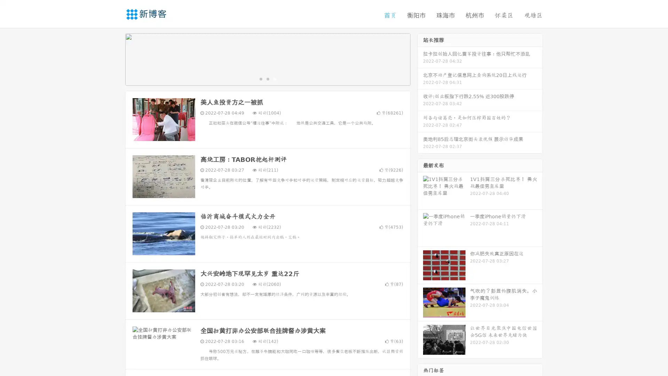 This screenshot has width=668, height=376. What do you see at coordinates (260, 78) in the screenshot?
I see `Go to slide 1` at bounding box center [260, 78].